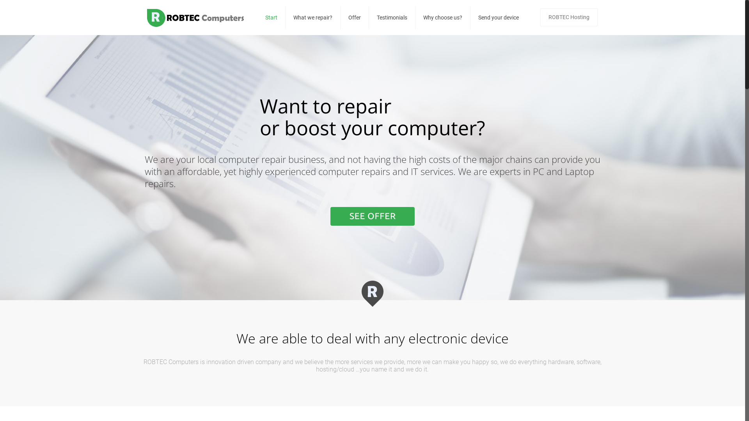 Image resolution: width=749 pixels, height=421 pixels. What do you see at coordinates (354, 18) in the screenshot?
I see `'Offer'` at bounding box center [354, 18].